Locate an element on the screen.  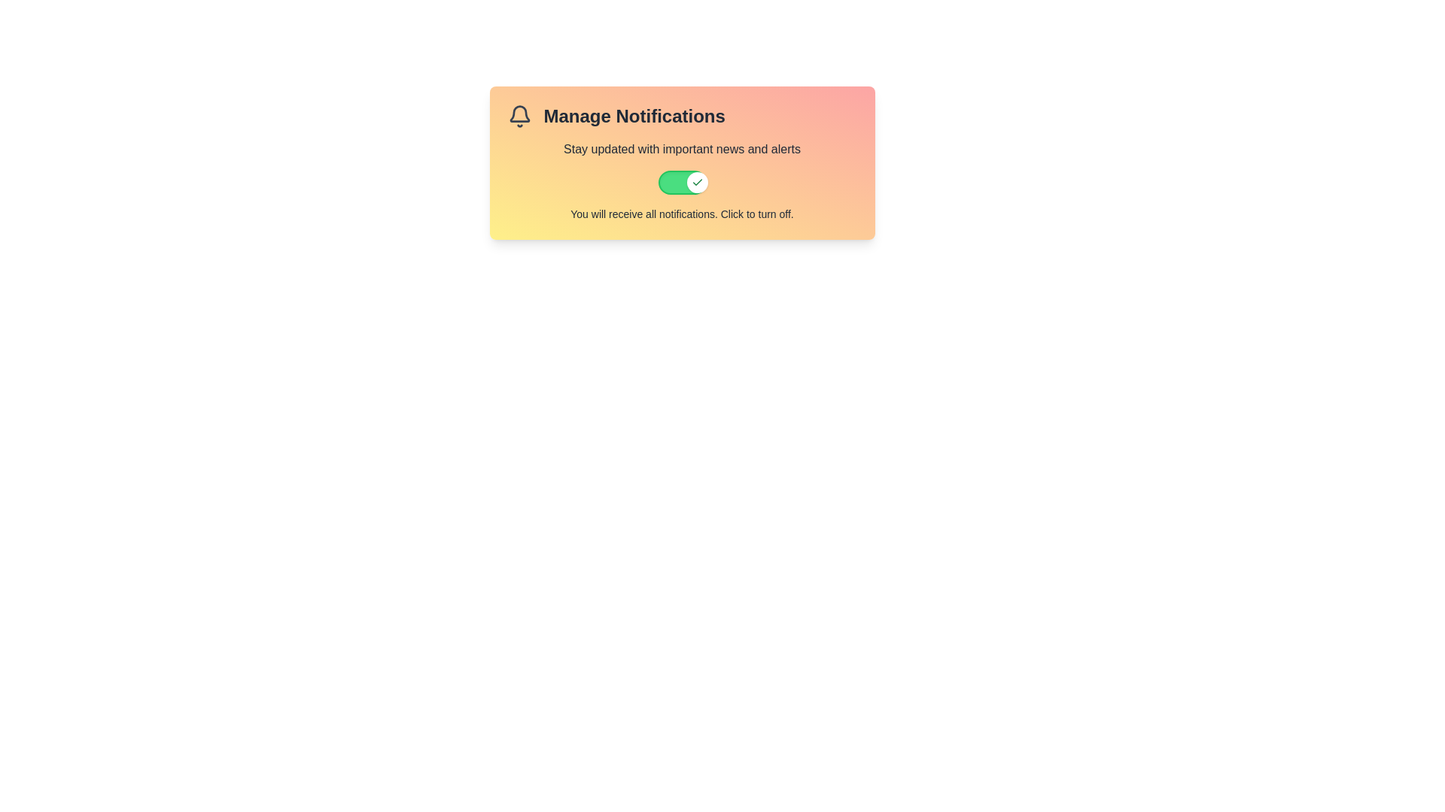
descriptive text of the Interactive toggle control located within the 'Manage Notifications' card, which indicates the current state of notifications is located at coordinates (681, 180).